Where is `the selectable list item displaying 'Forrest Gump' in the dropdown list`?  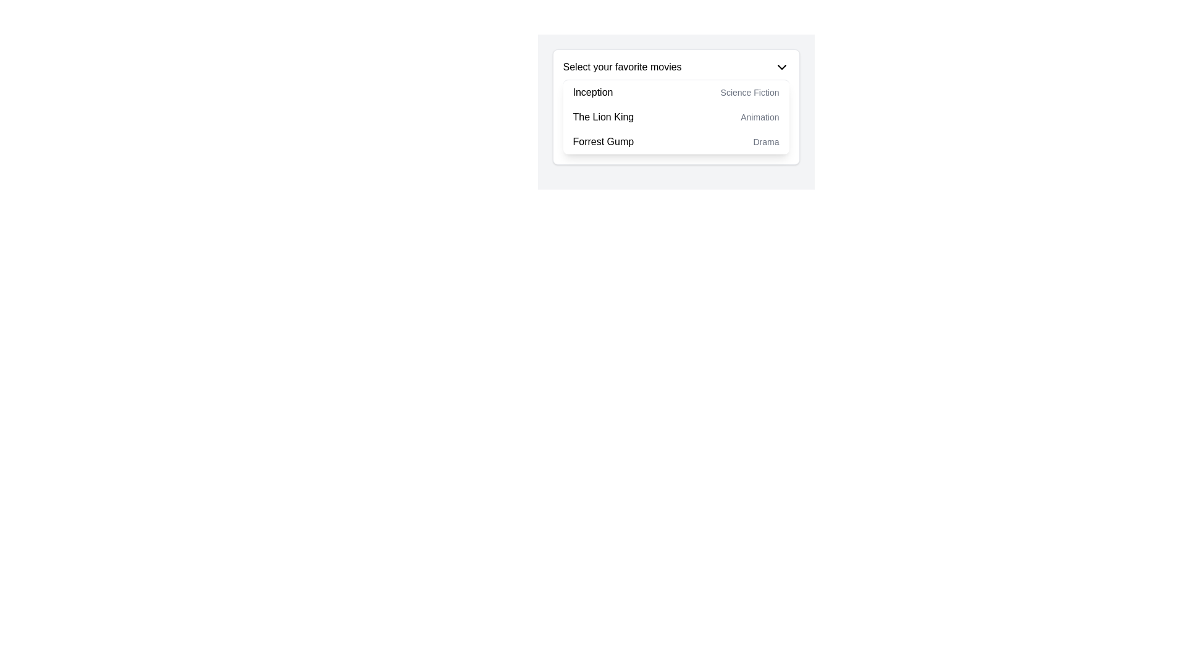
the selectable list item displaying 'Forrest Gump' in the dropdown list is located at coordinates (675, 141).